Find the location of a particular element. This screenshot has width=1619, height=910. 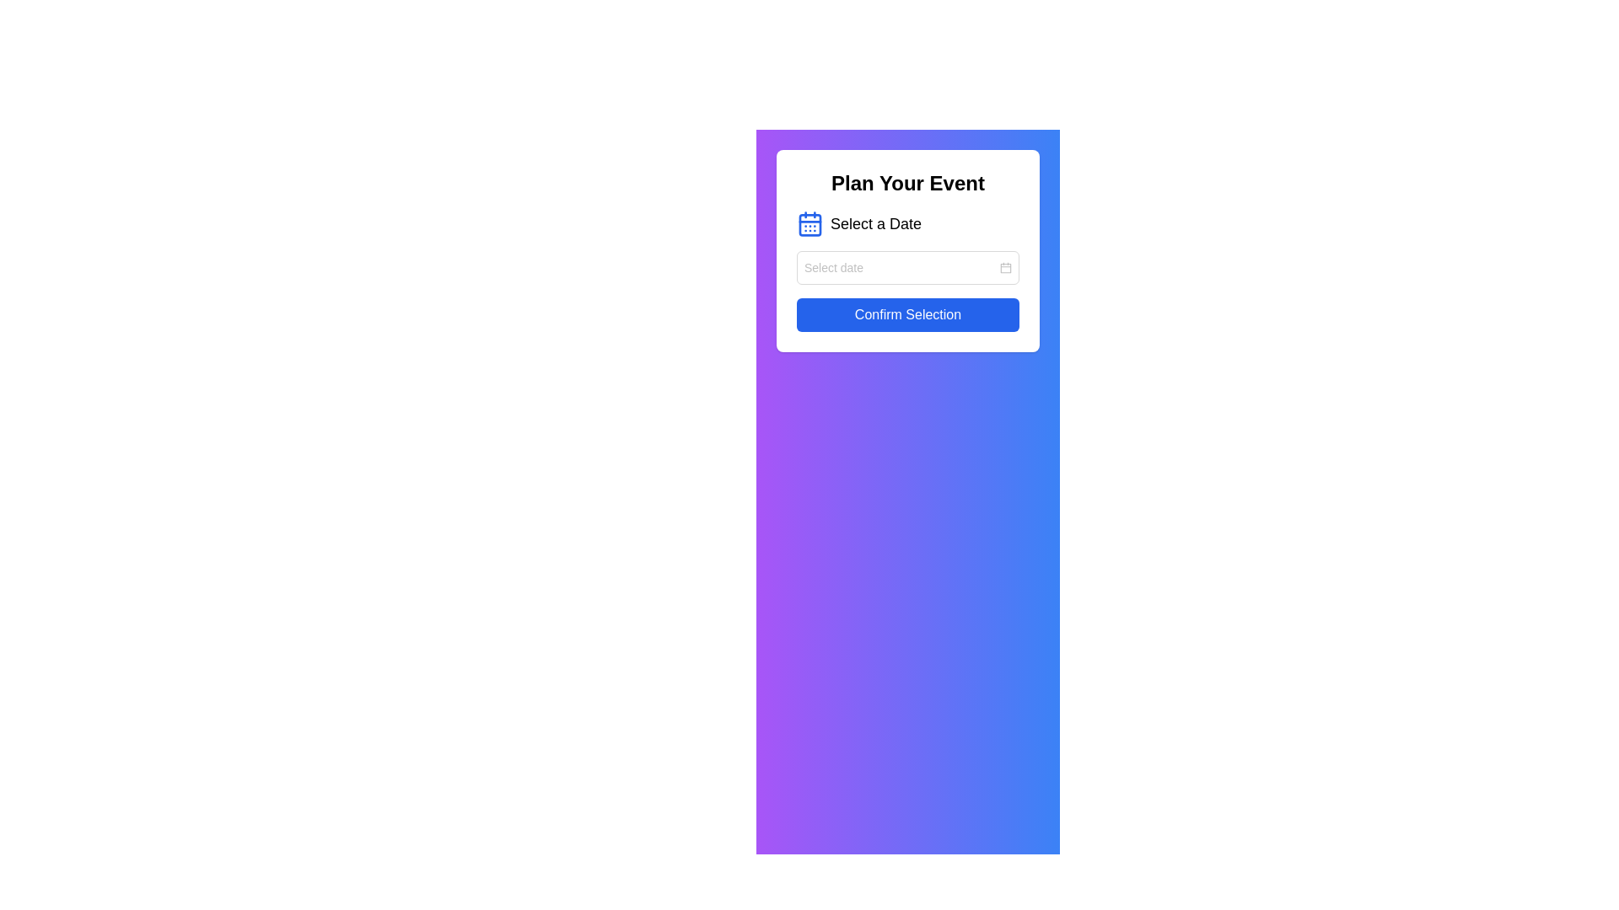

the text label displaying 'Select a Date', which is styled with a larger font size and medium-bold weight, located next to a blue calendar icon within a white card area is located at coordinates (876, 223).